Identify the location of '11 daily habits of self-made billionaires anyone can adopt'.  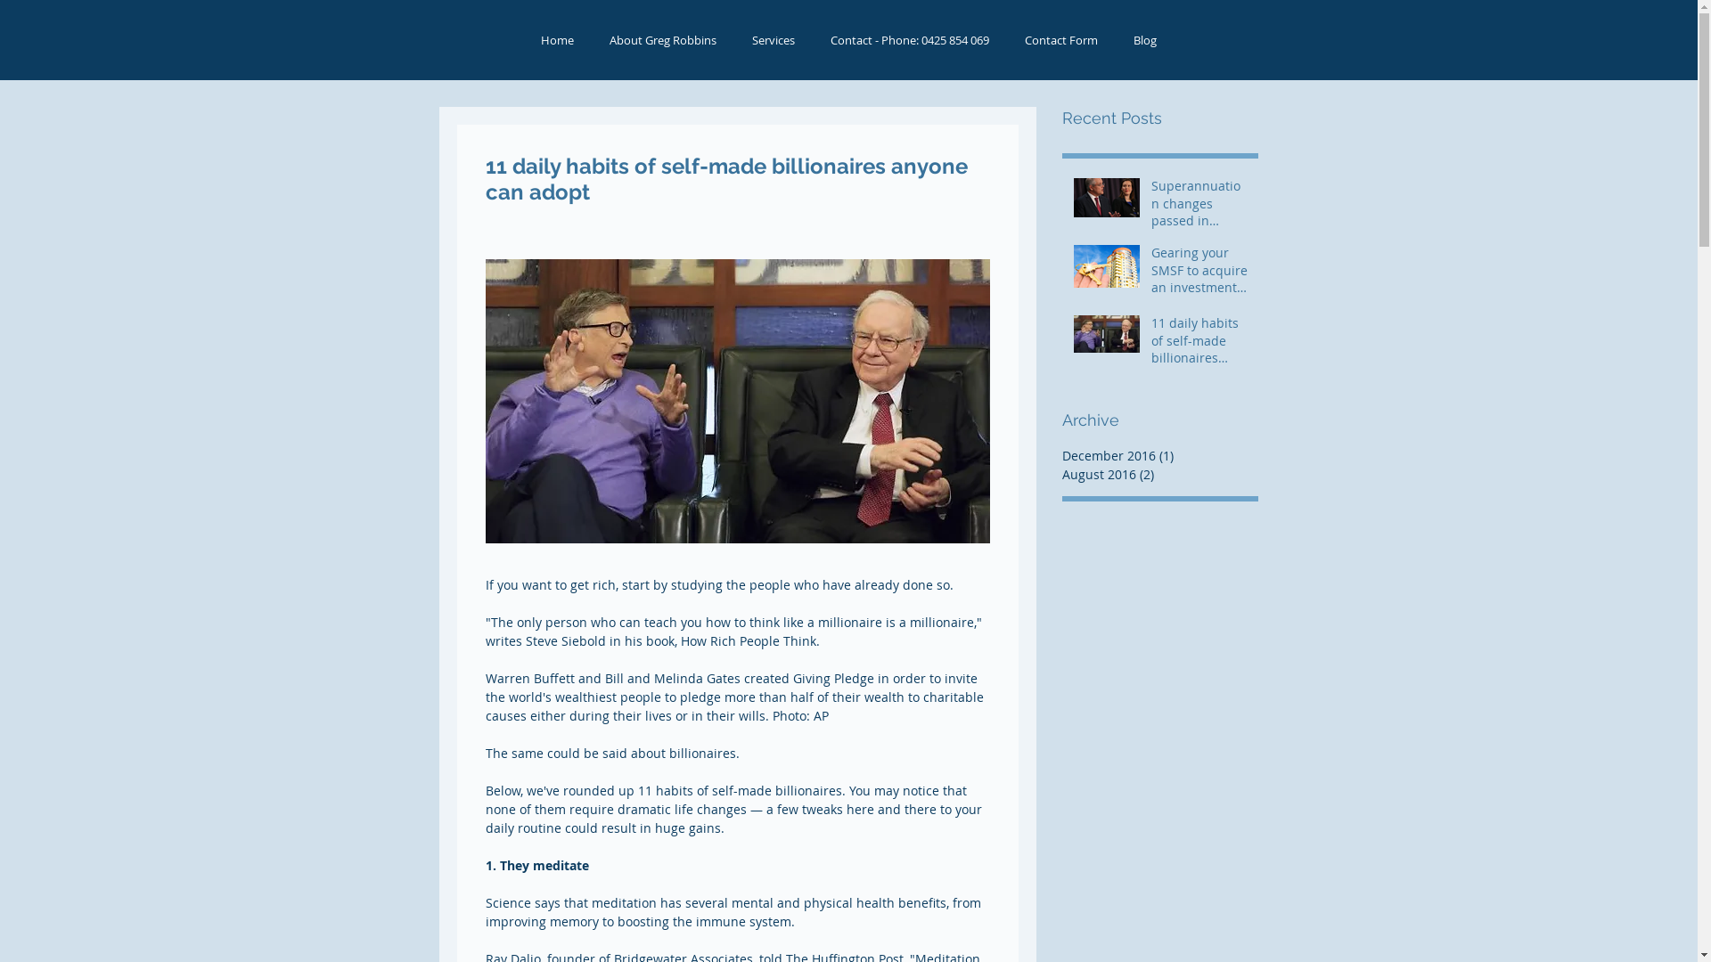
(1199, 344).